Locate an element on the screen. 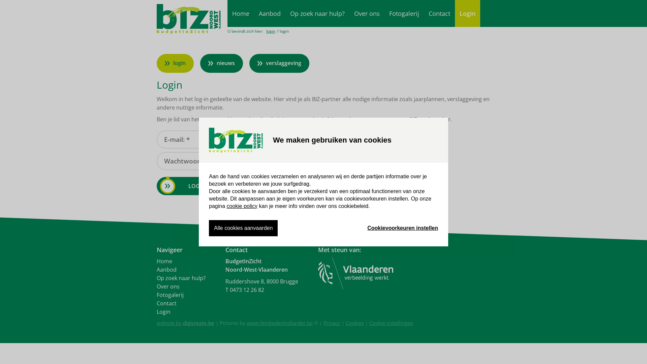 The height and width of the screenshot is (364, 647). 'Op zoek naar hulp?' is located at coordinates (317, 13).